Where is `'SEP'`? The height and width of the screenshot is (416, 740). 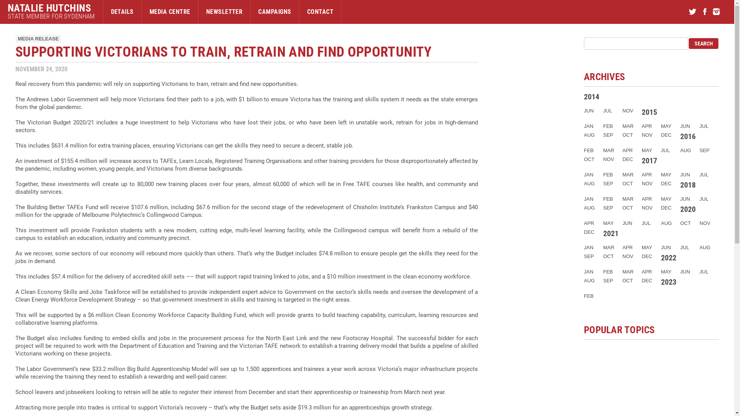
'SEP' is located at coordinates (608, 134).